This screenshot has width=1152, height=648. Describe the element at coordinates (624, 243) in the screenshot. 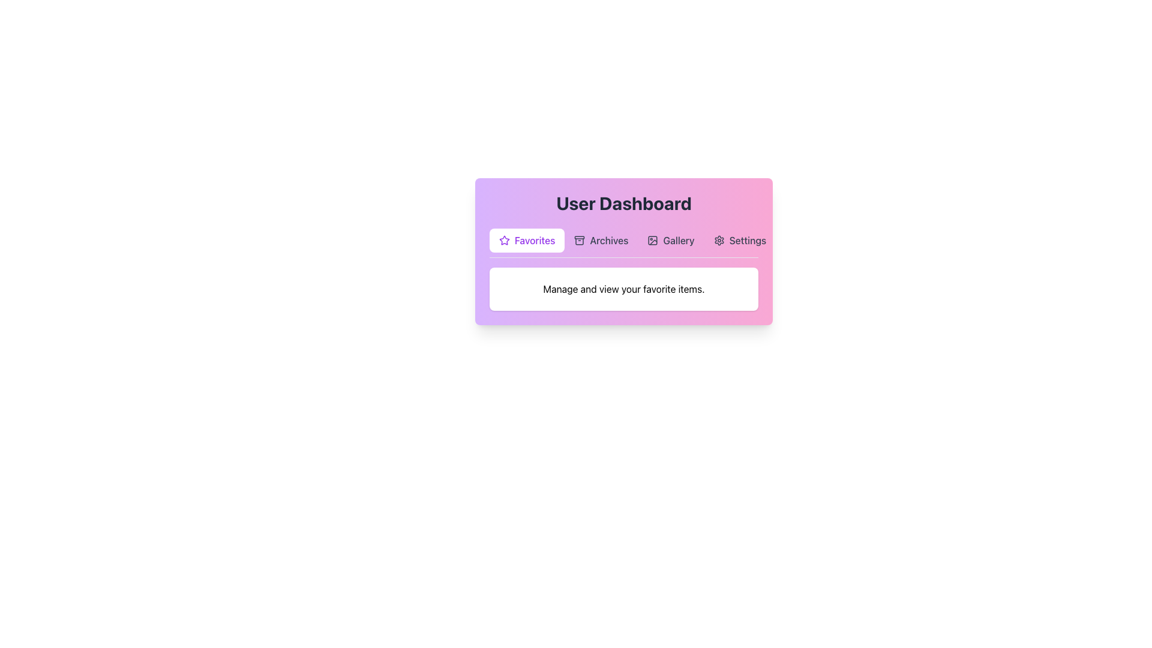

I see `the 'Archives' navigation tab, which is the second tab in the horizontal menu under 'User Dashboard'` at that location.